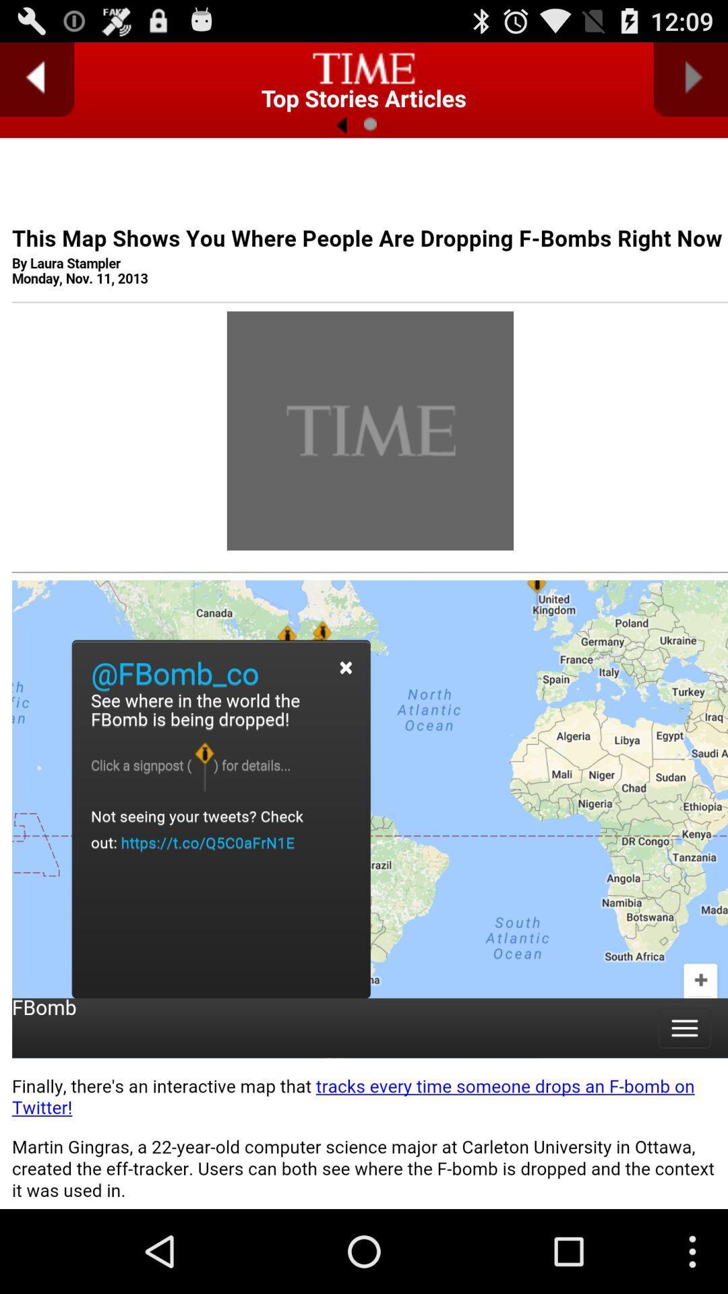 This screenshot has height=1294, width=728. I want to click on next, so click(690, 79).